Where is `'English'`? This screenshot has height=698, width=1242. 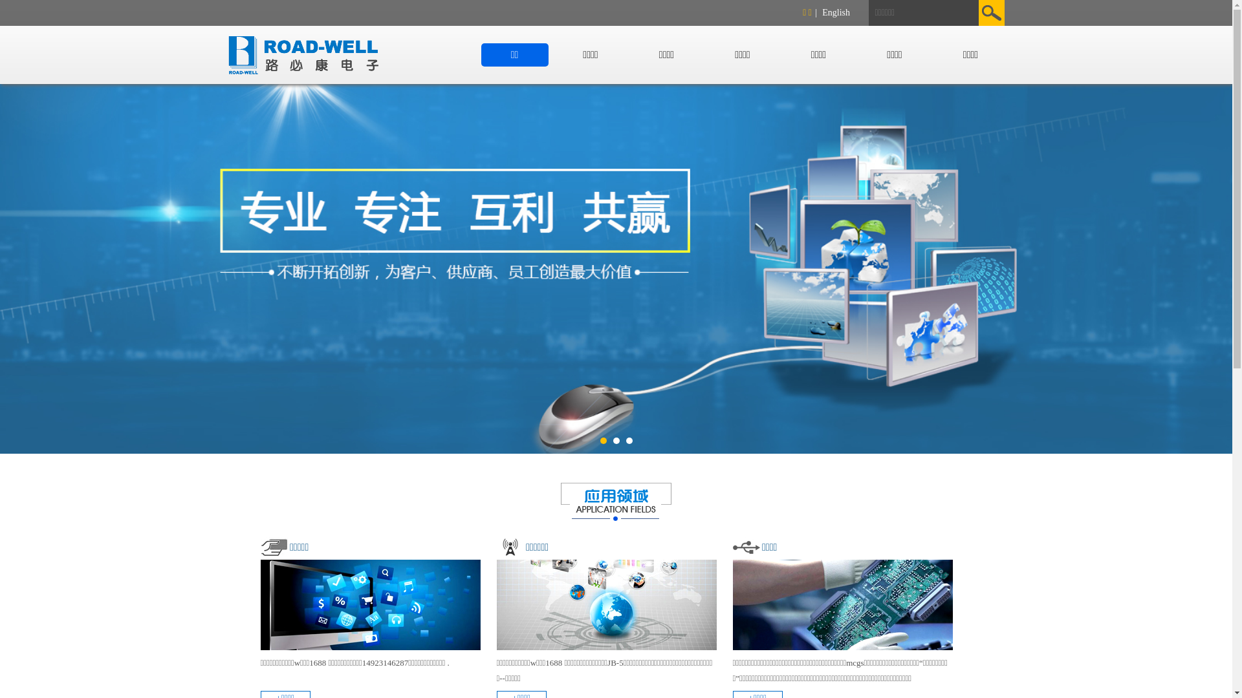
'English' is located at coordinates (836, 12).